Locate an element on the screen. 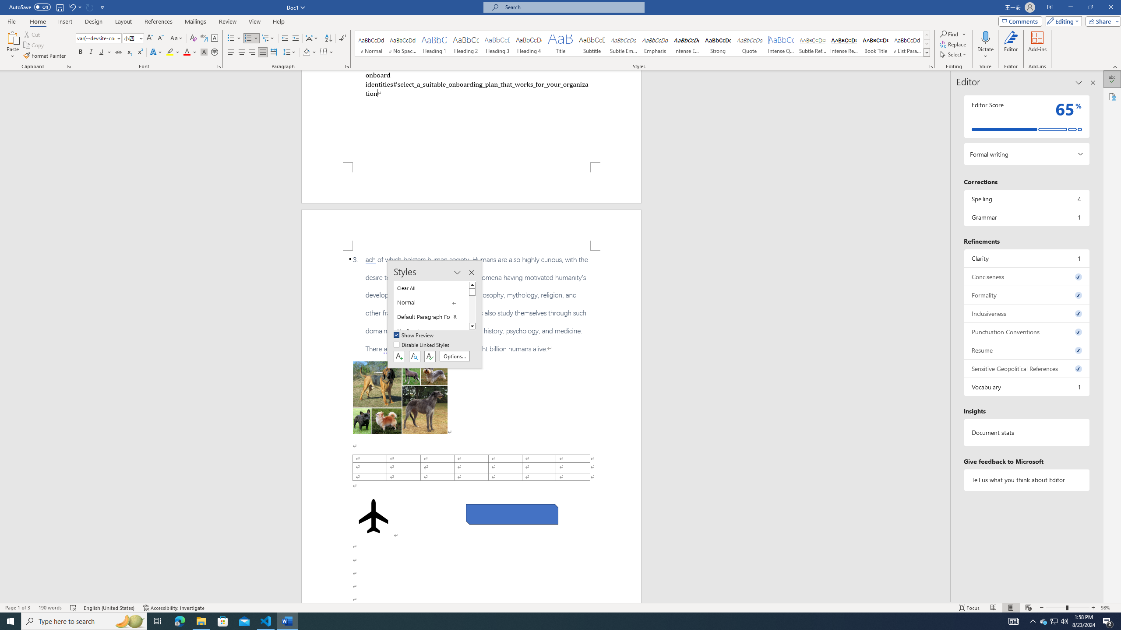 This screenshot has width=1121, height=630. 'Font Size' is located at coordinates (130, 38).